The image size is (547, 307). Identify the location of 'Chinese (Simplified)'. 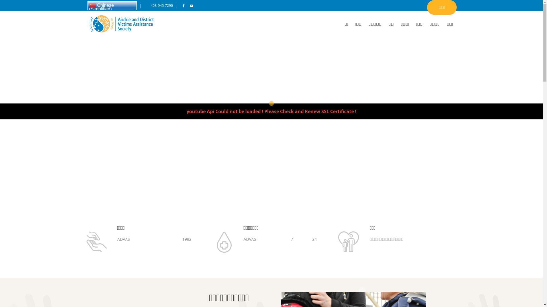
(112, 5).